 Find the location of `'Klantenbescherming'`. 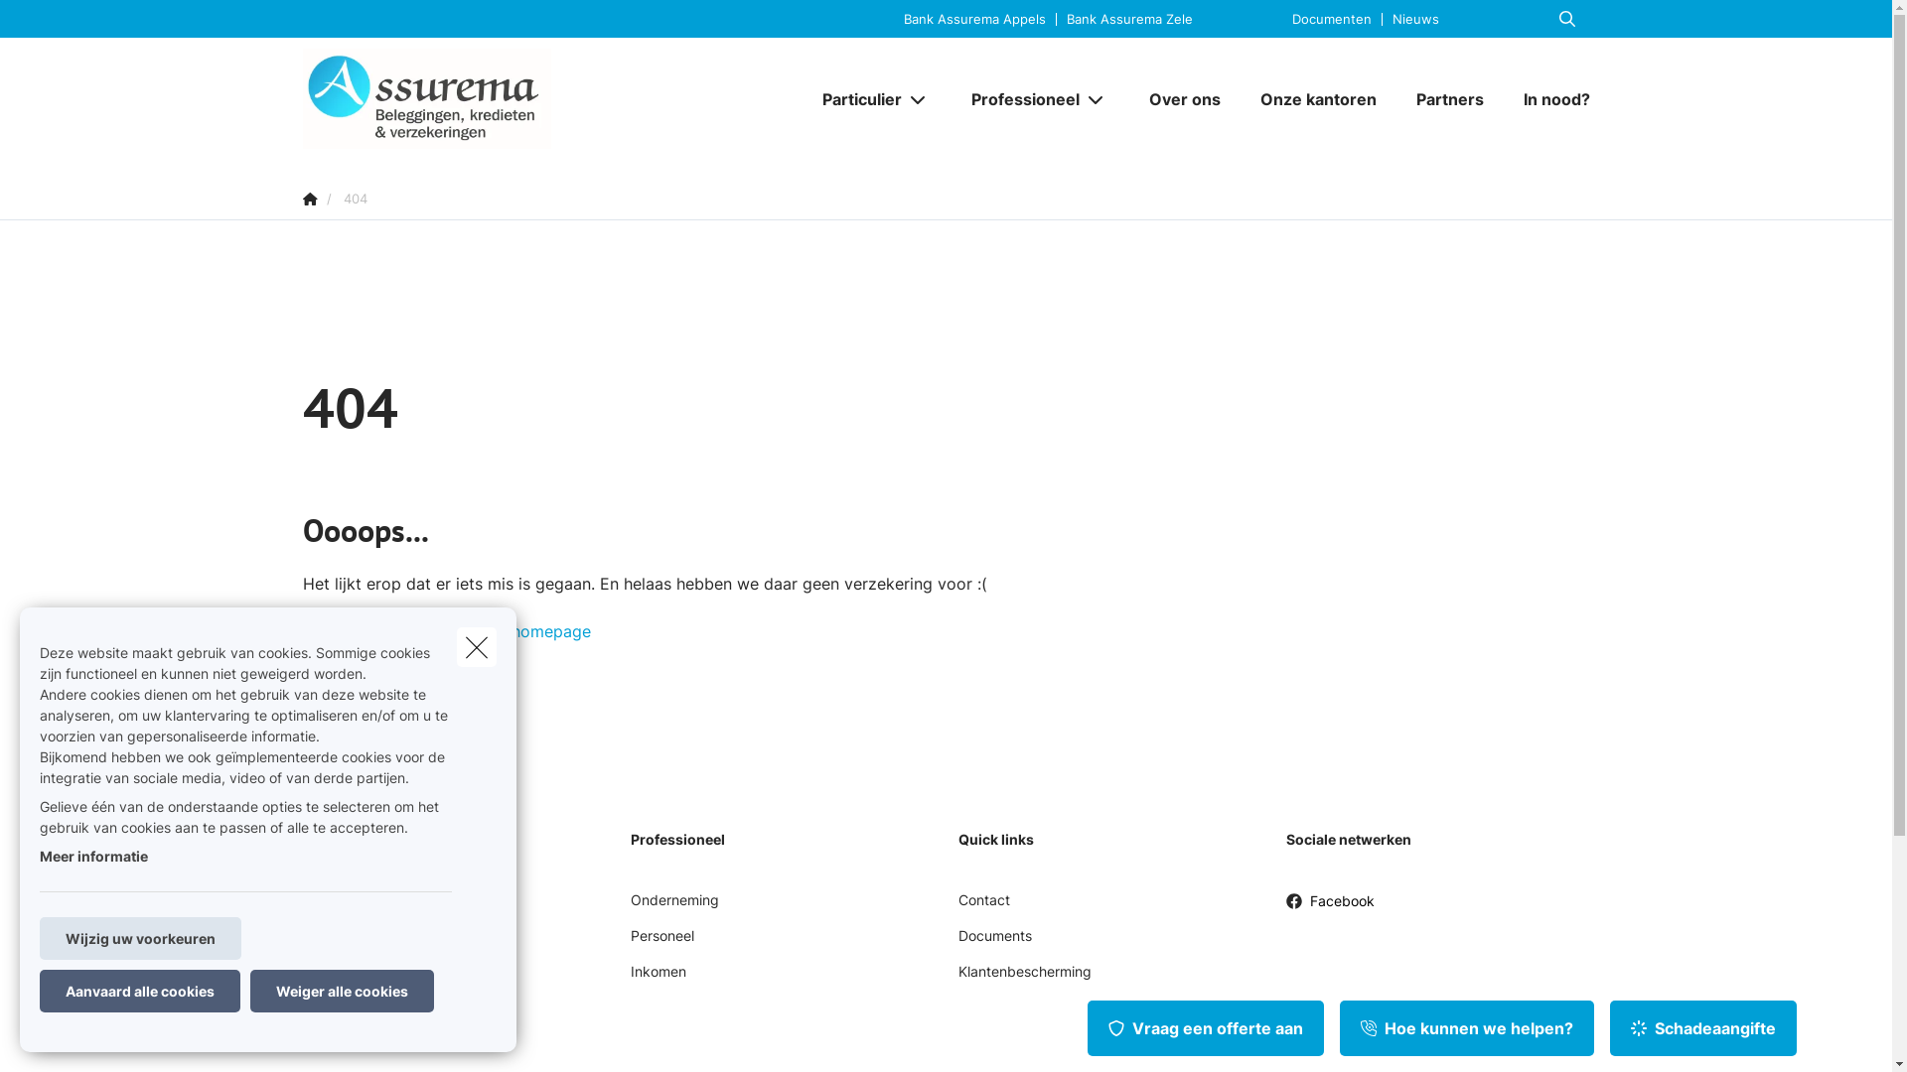

'Klantenbescherming' is located at coordinates (1024, 978).